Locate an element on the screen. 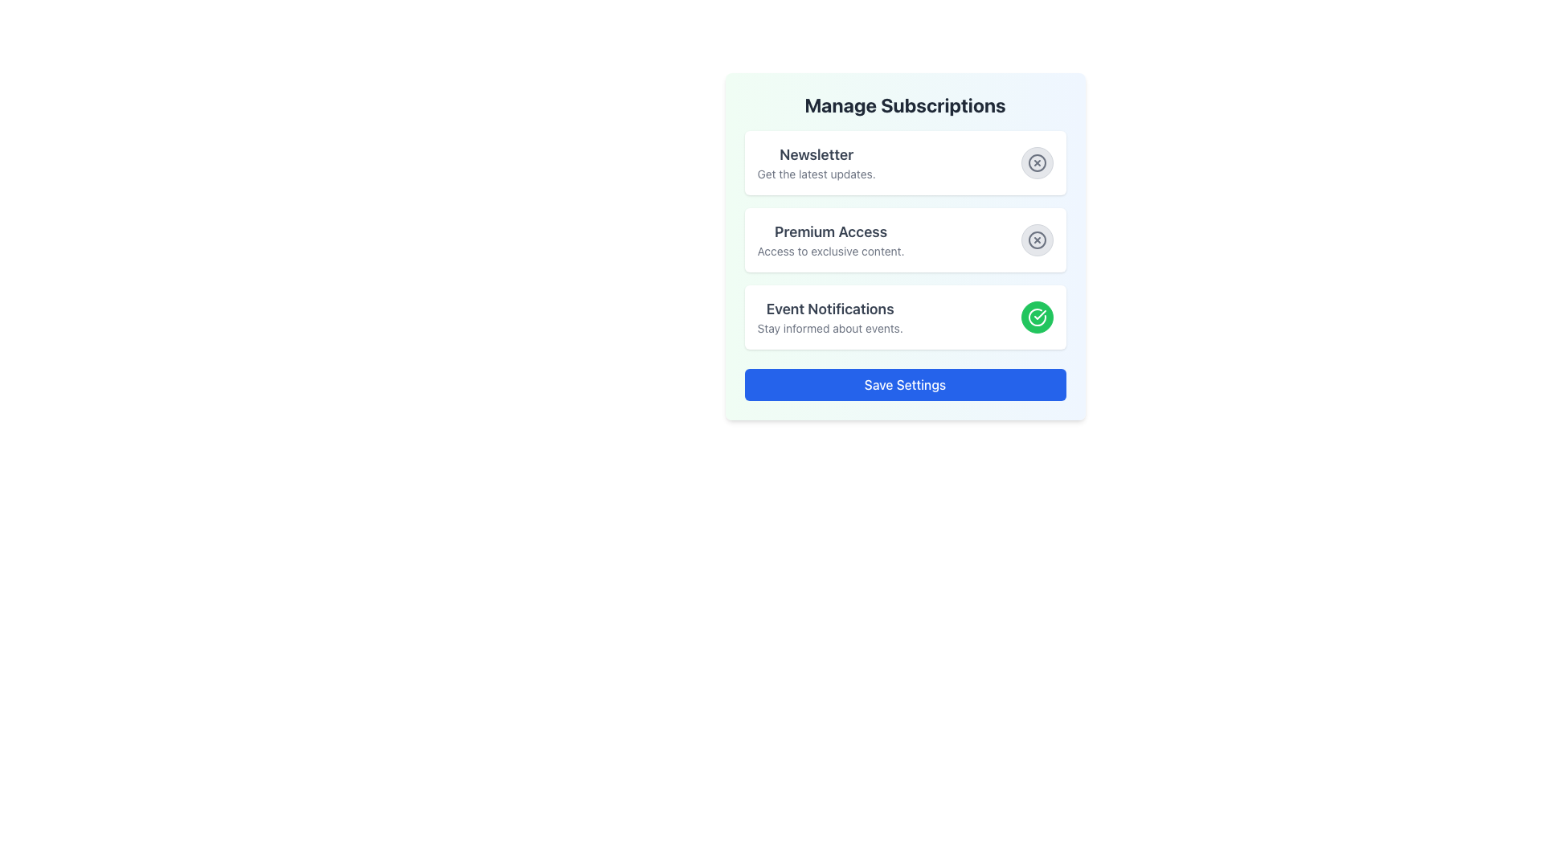 The image size is (1543, 868). contextual subtitle text for the 'Newsletter' subscription option, located beneath the 'Newsletter' text in the settings interface under 'Manage Subscriptions.' is located at coordinates (817, 174).